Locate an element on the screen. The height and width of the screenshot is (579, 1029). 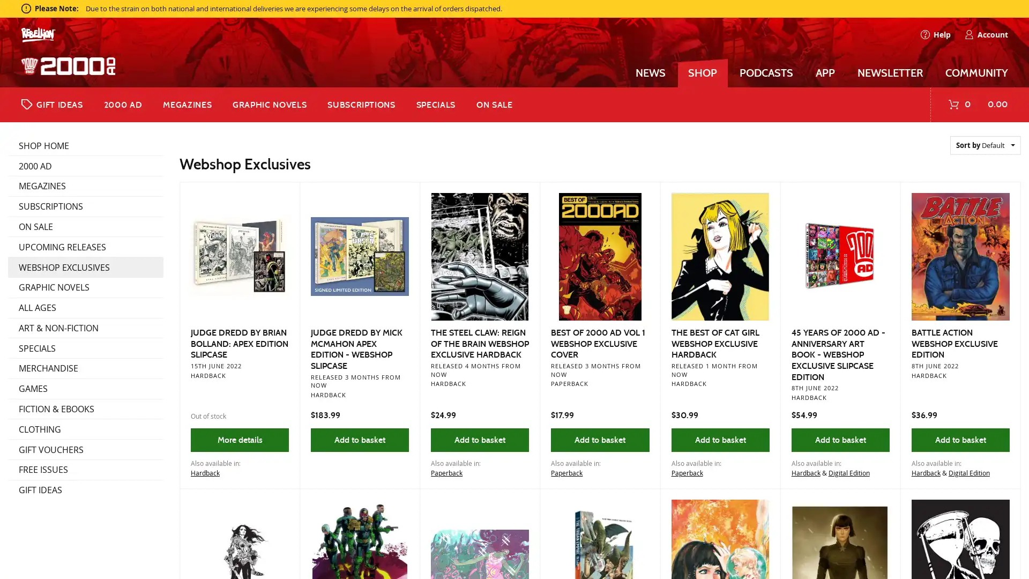
Paperback is located at coordinates (566, 472).